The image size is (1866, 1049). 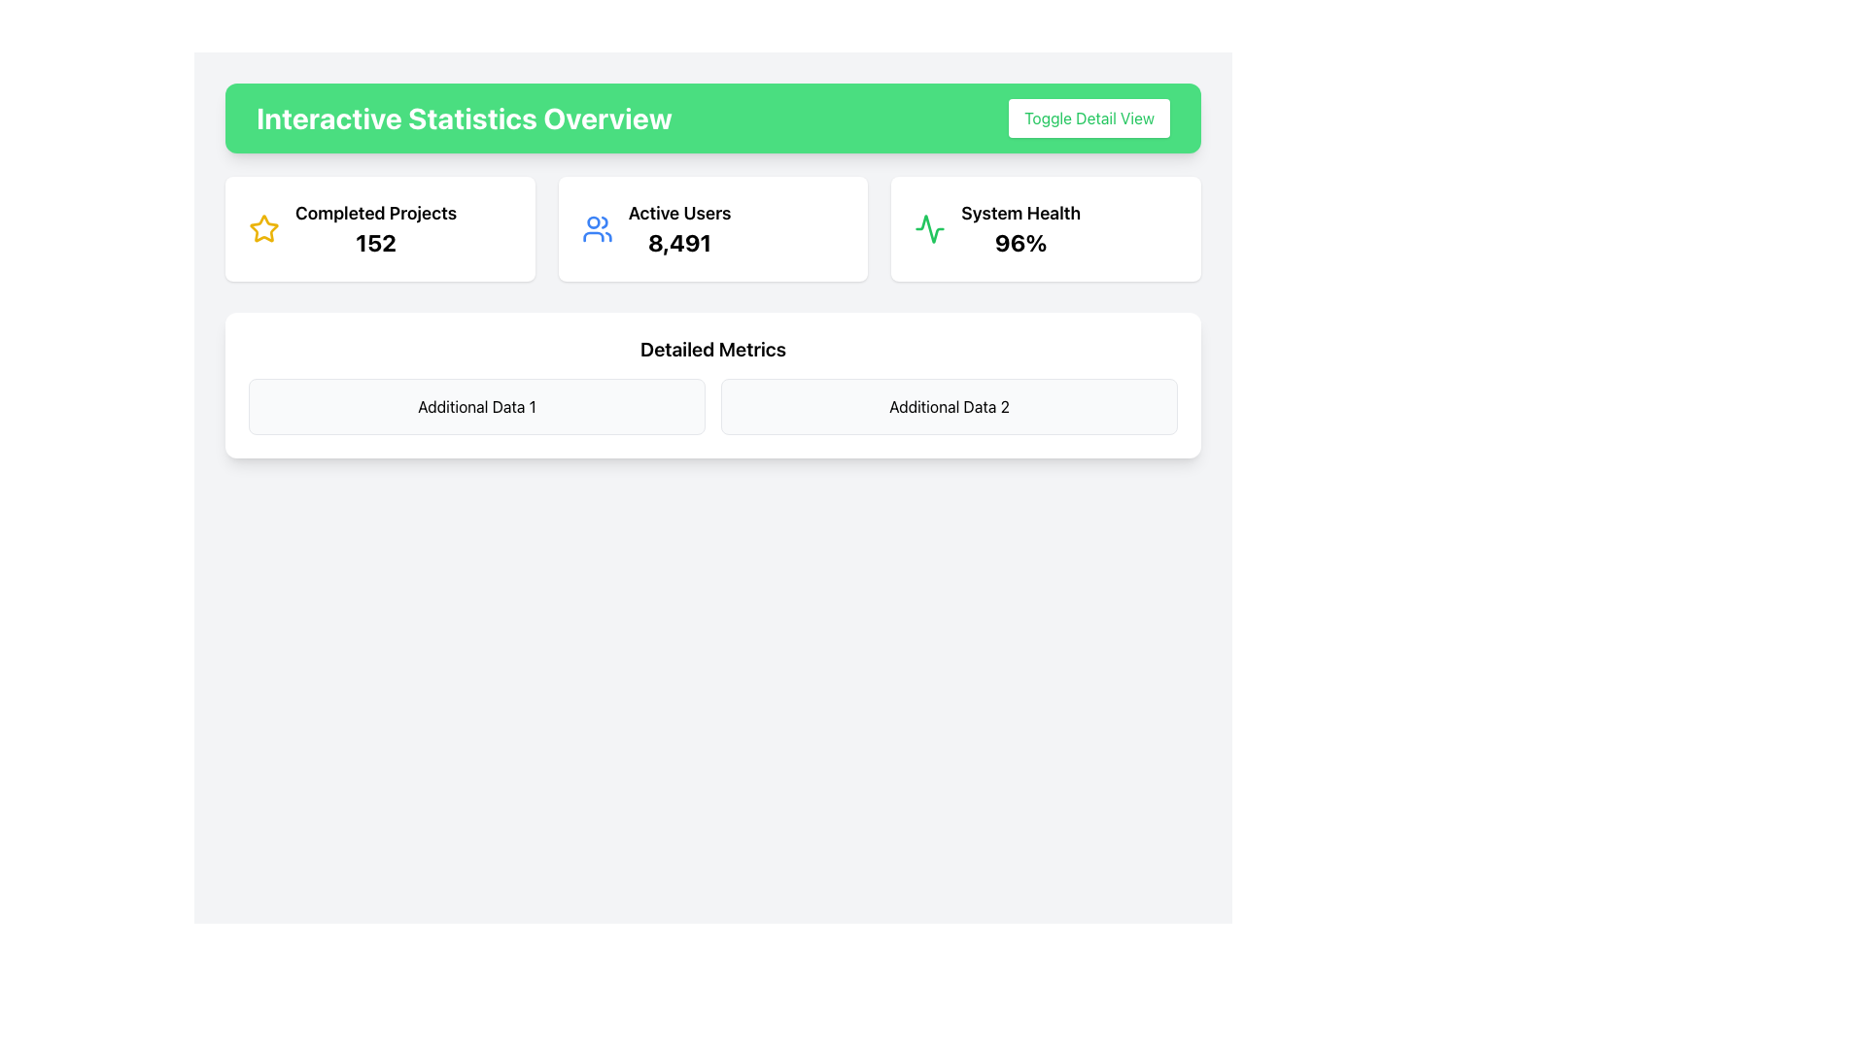 I want to click on the statistics card displaying the count of completed projects in the upper-left section of the grid, so click(x=380, y=227).